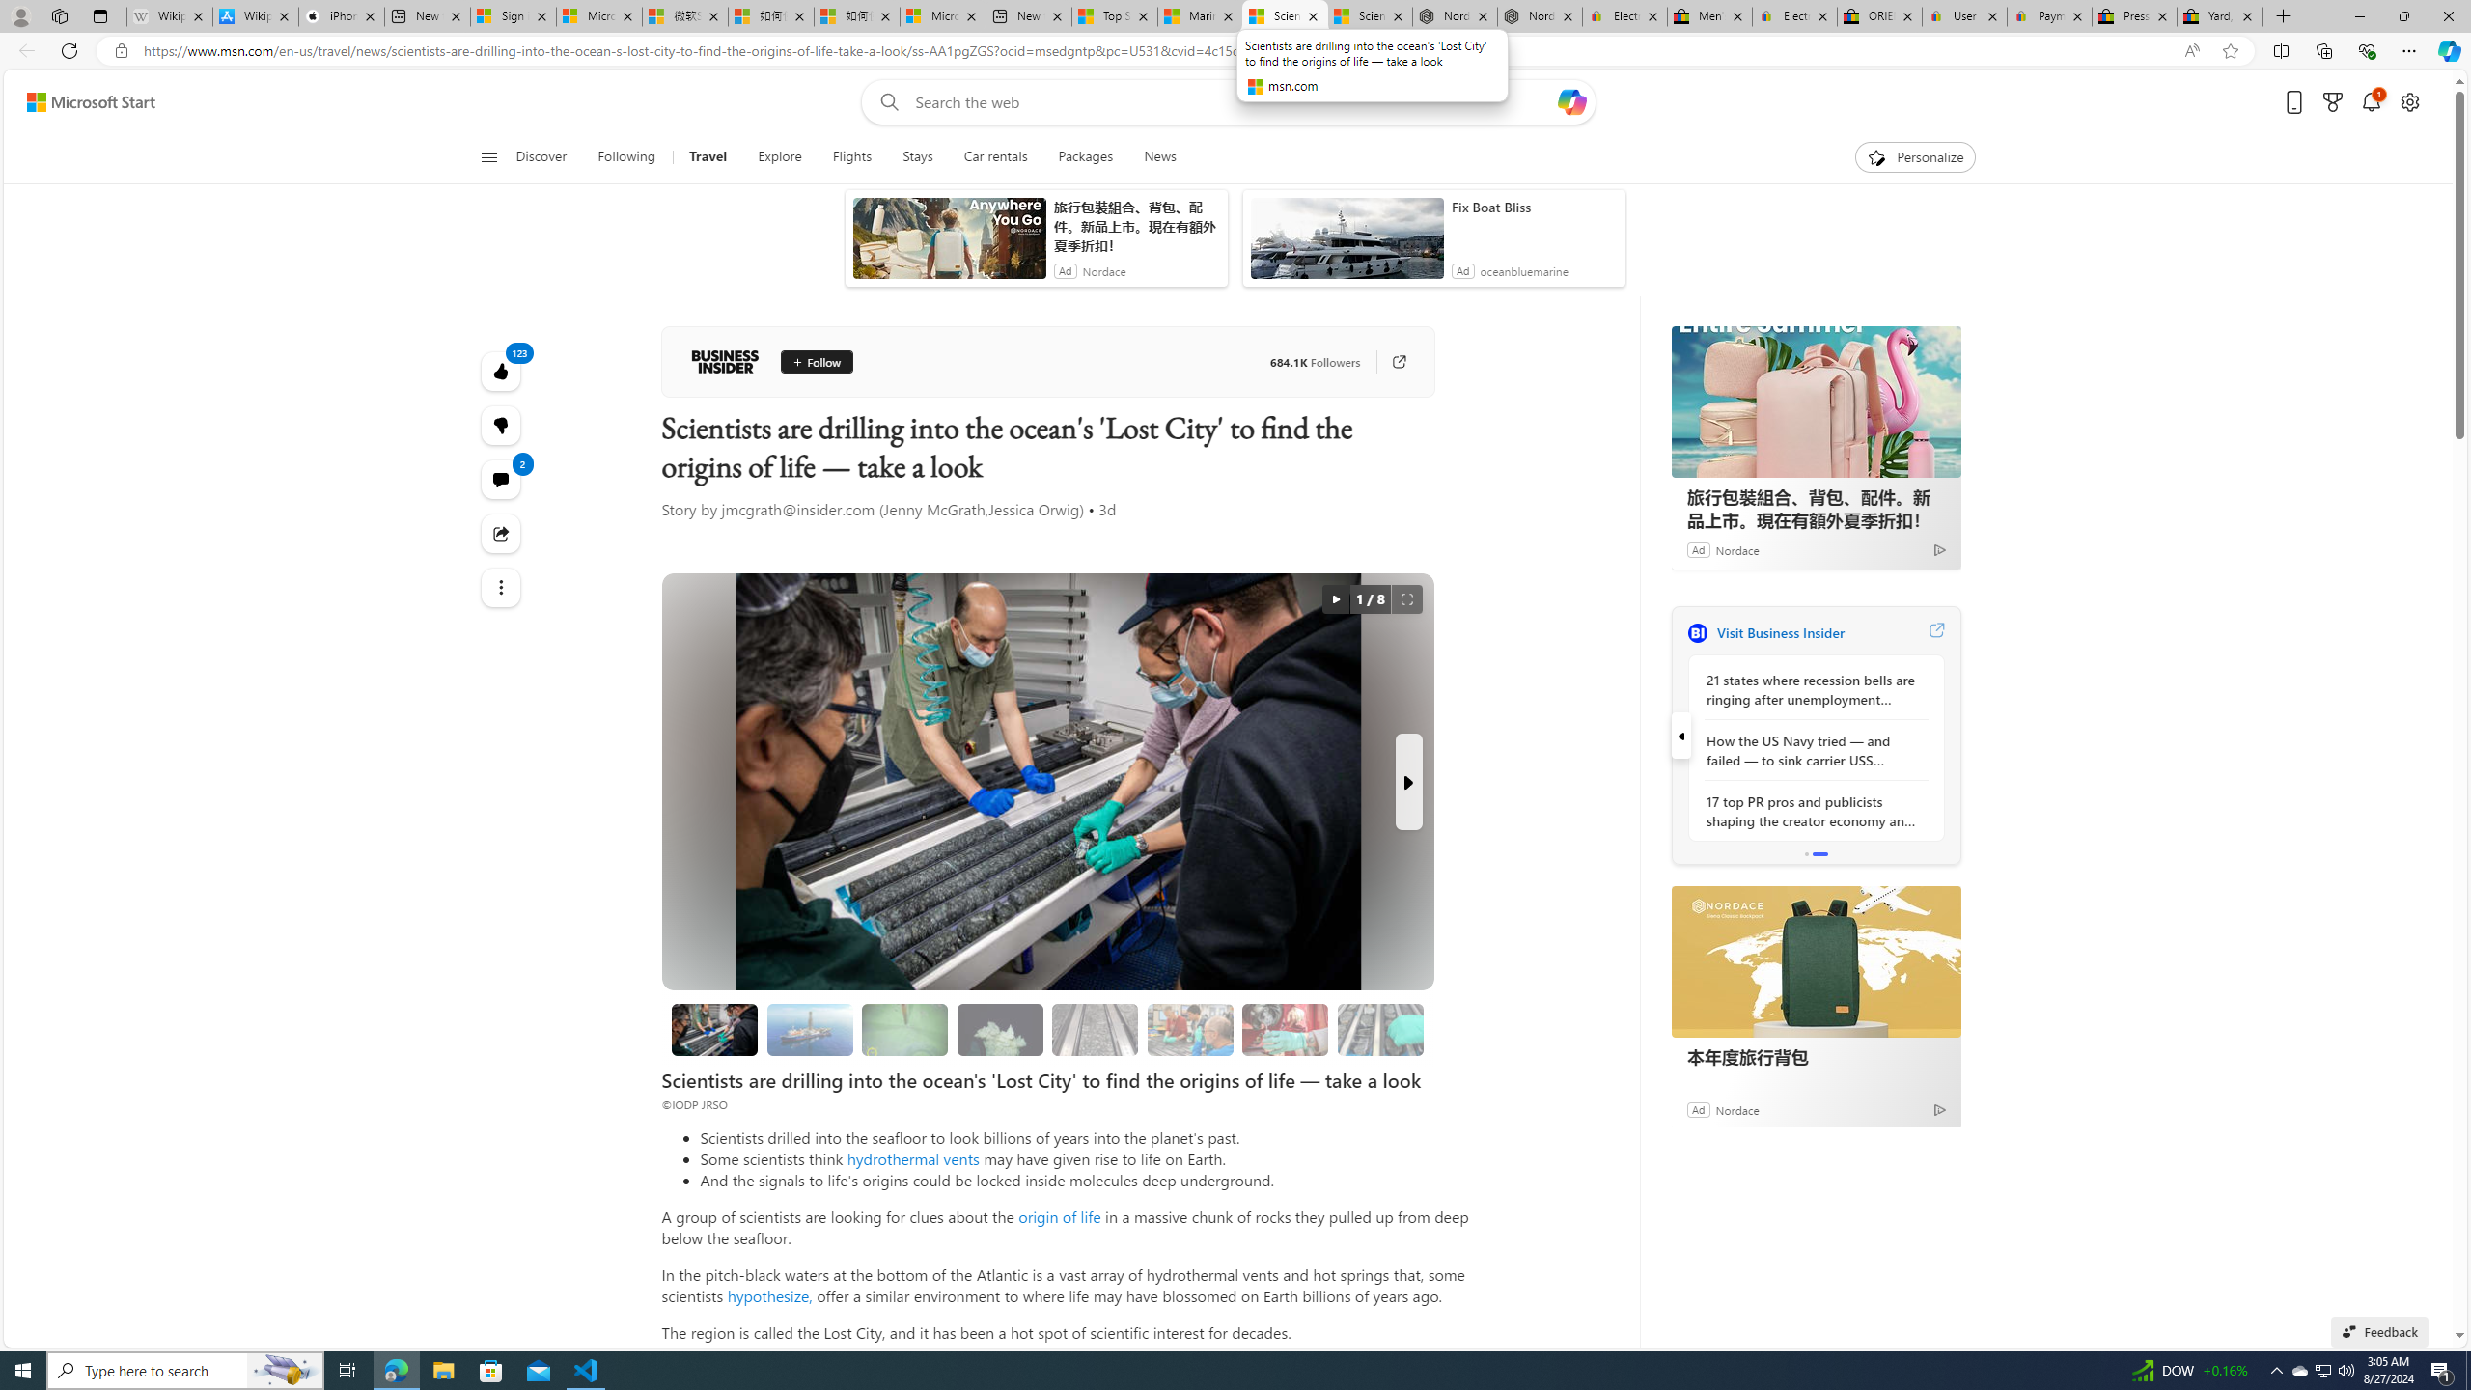 This screenshot has width=2471, height=1390. I want to click on 'View comments 2 Comment', so click(500, 478).